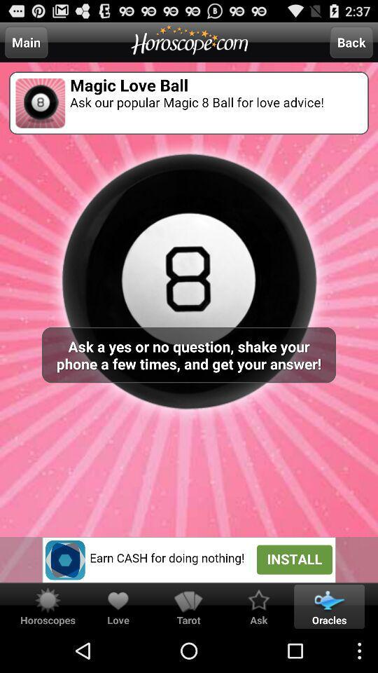 The width and height of the screenshot is (378, 673). What do you see at coordinates (189, 559) in the screenshot?
I see `open advertisement` at bounding box center [189, 559].